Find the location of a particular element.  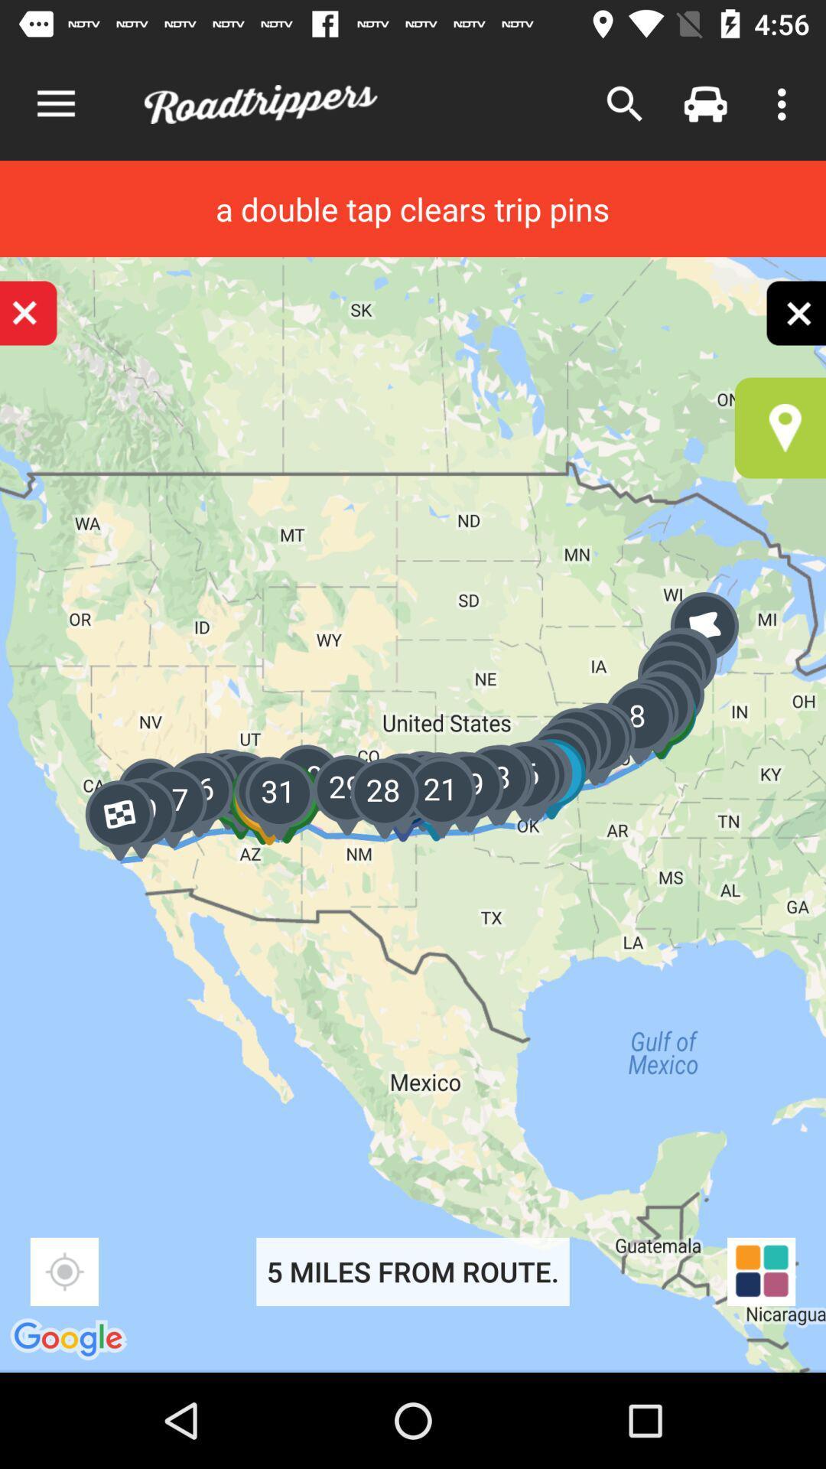

the close icon is located at coordinates (29, 312).